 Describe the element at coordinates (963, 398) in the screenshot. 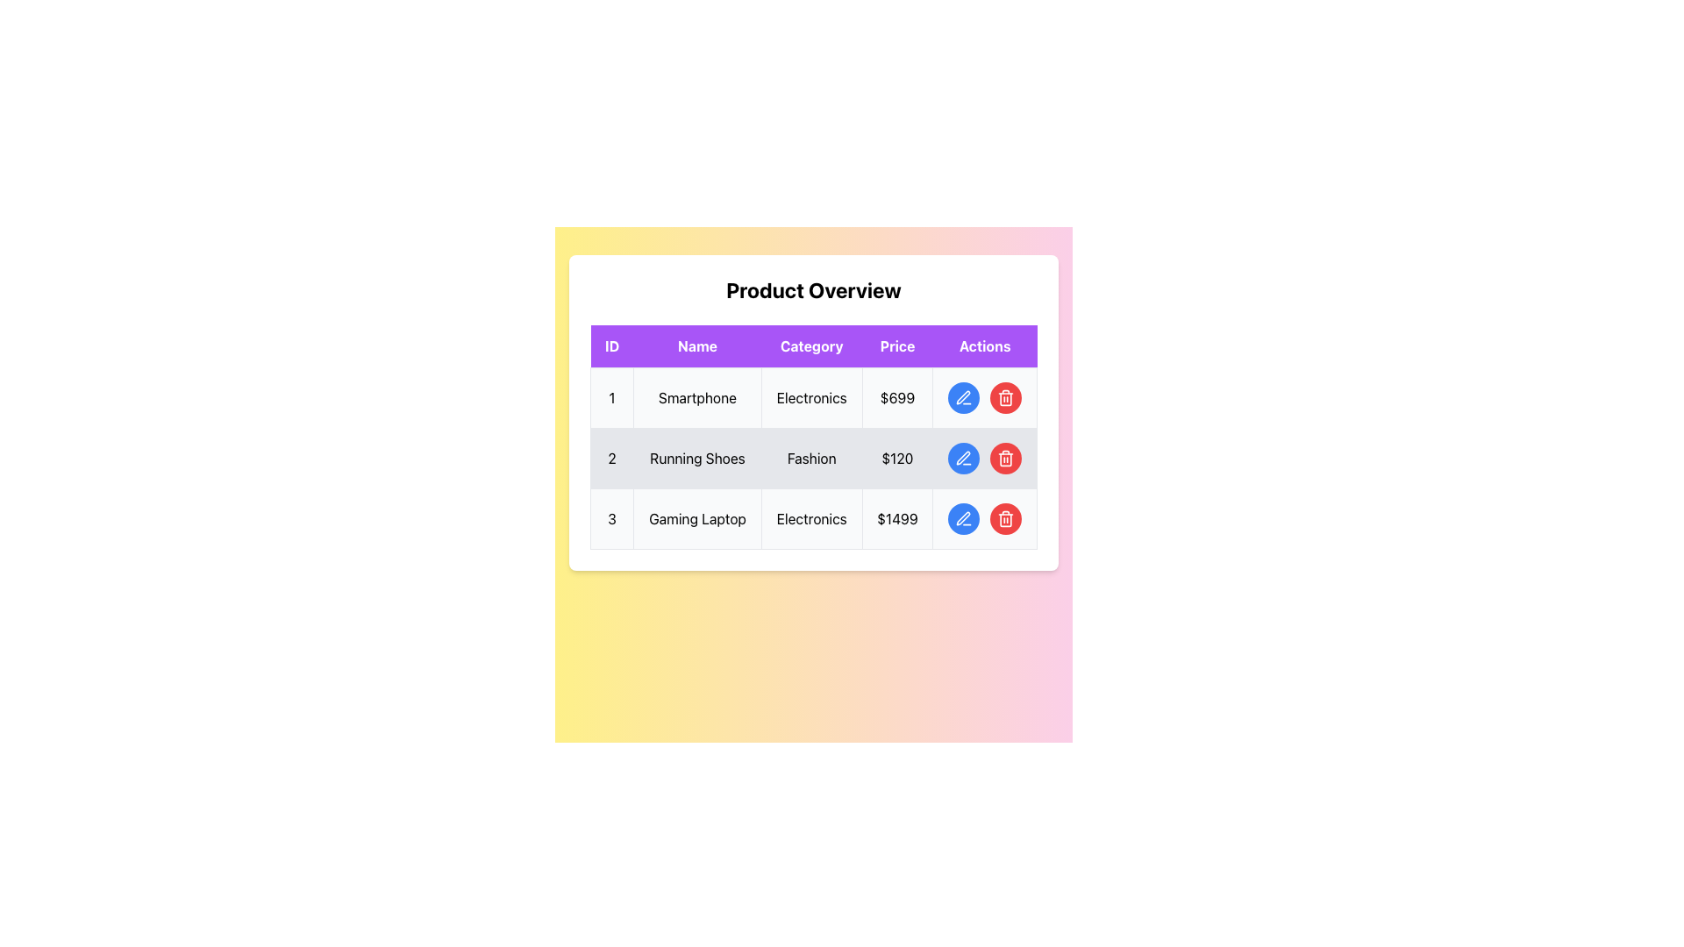

I see `the edit button located in the 'Actions' column of the first row in the 'Product Overview' table` at that location.